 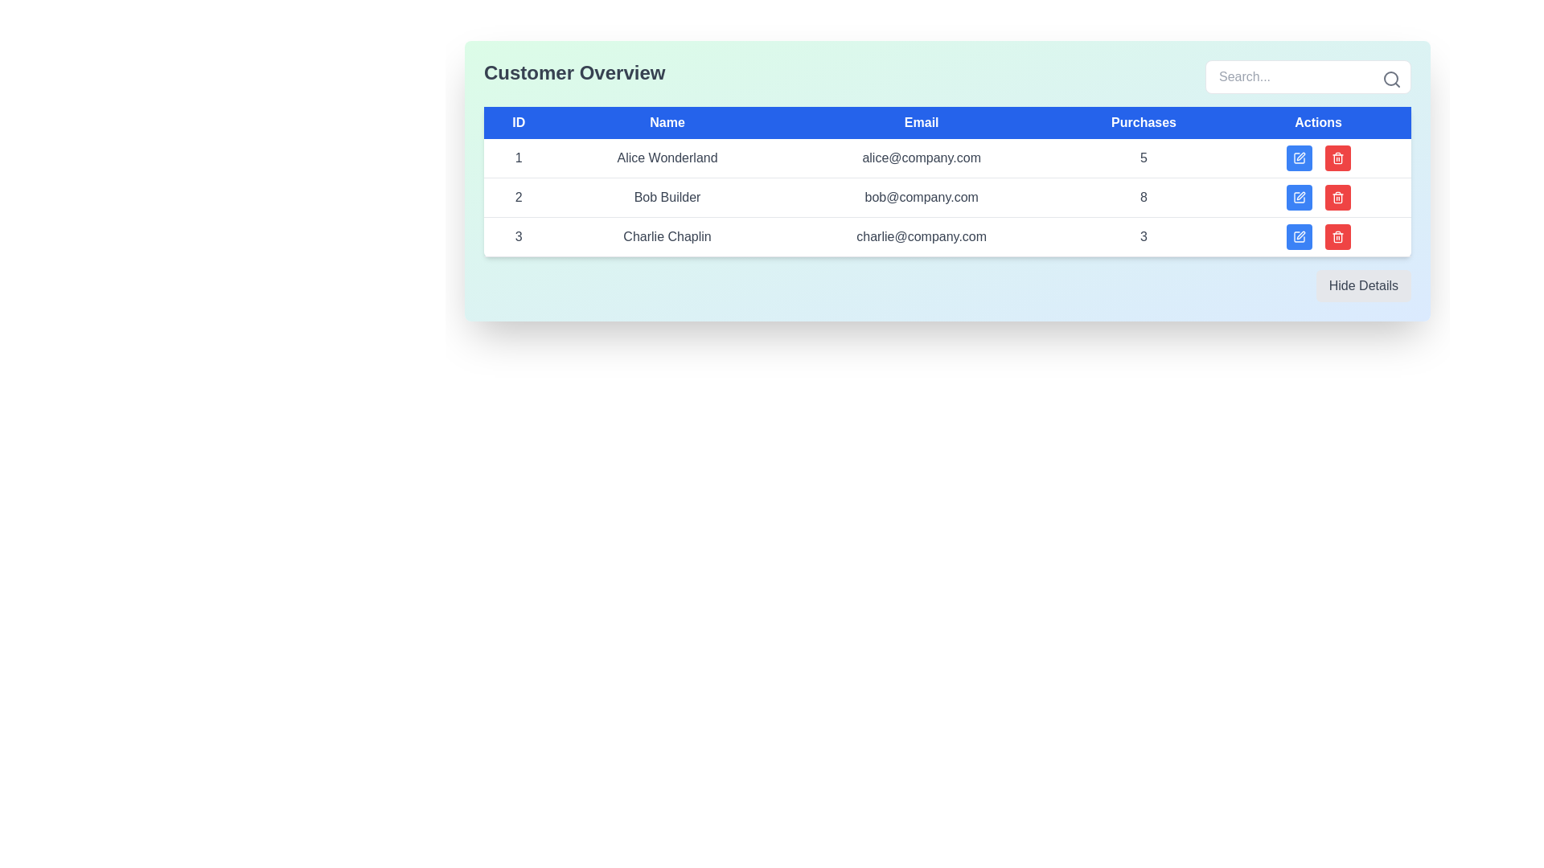 I want to click on the circular indicator in the Actions column of the second row of the table, located between the edit and delete buttons, so click(x=1318, y=197).